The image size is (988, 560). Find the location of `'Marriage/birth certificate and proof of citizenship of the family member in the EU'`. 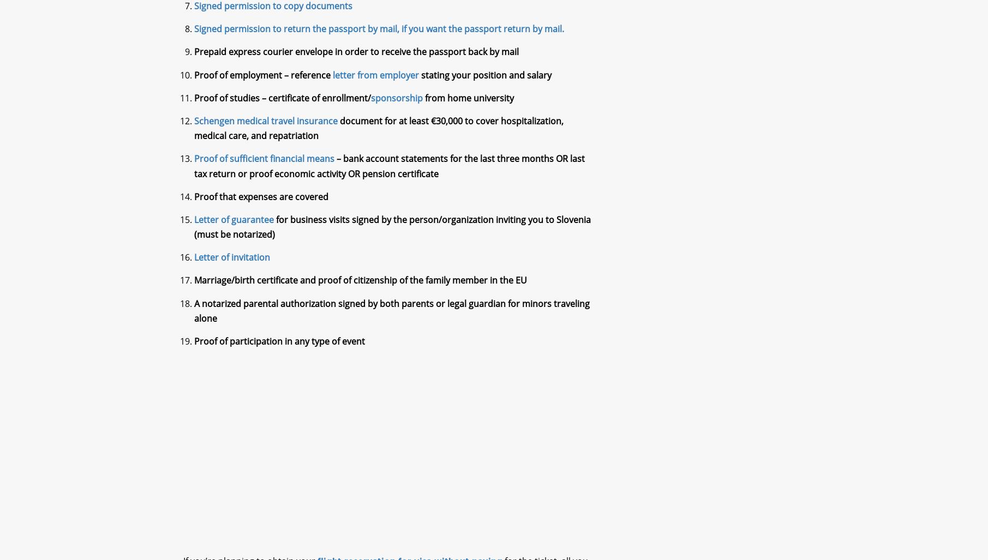

'Marriage/birth certificate and proof of citizenship of the family member in the EU' is located at coordinates (360, 288).